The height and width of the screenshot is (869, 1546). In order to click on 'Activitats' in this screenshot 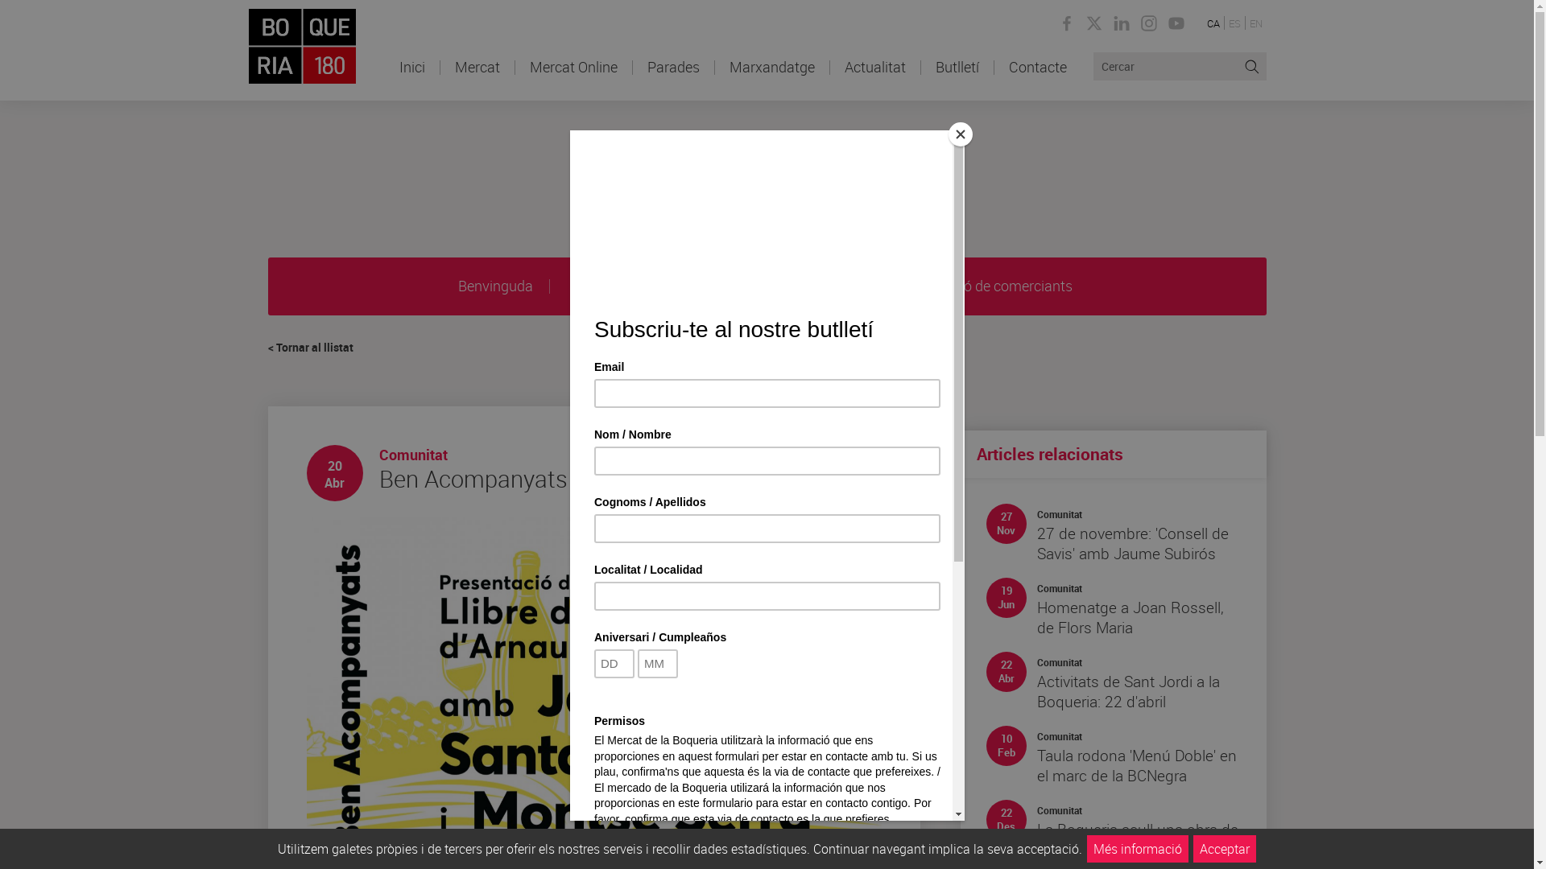, I will do `click(750, 285)`.